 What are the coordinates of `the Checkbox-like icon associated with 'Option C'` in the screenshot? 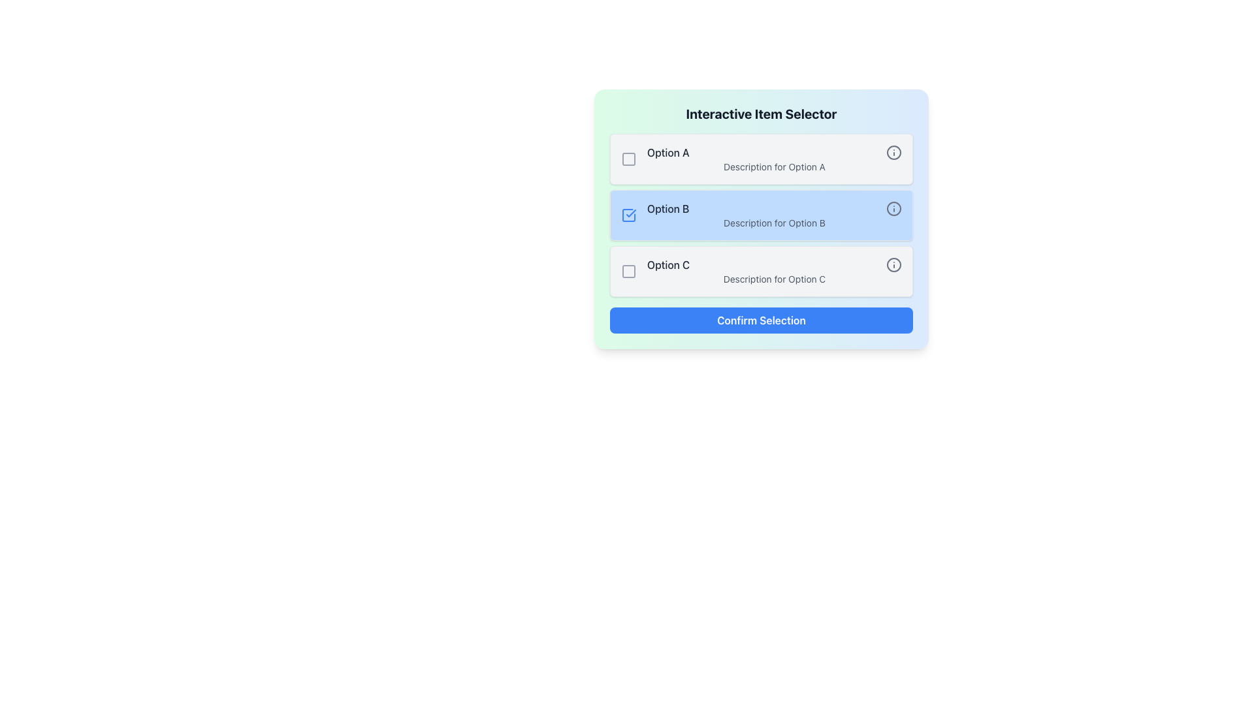 It's located at (629, 271).